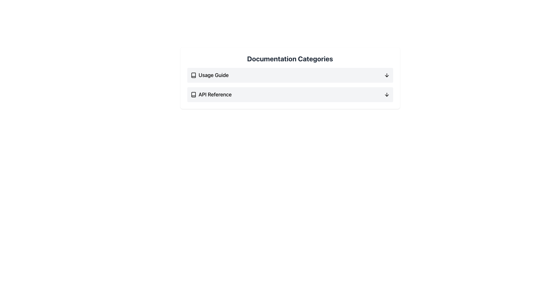 This screenshot has width=549, height=308. I want to click on the icon representing a book, located to the left of the 'Usage Guide' text in the documentation categories list, so click(193, 75).